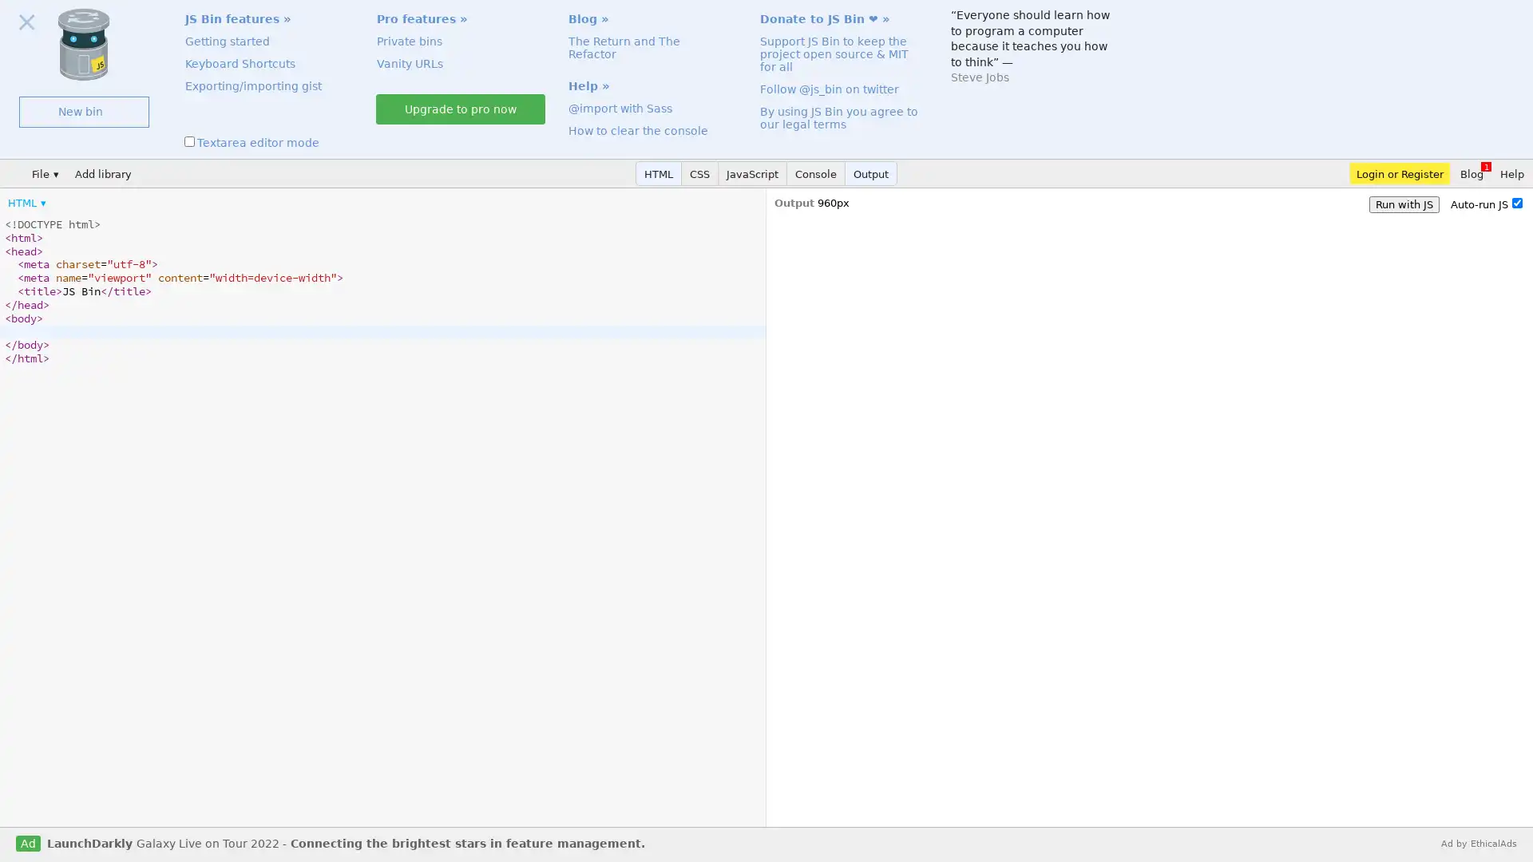 This screenshot has height=862, width=1533. What do you see at coordinates (751, 173) in the screenshot?
I see `JavaScript Panel: Inactive` at bounding box center [751, 173].